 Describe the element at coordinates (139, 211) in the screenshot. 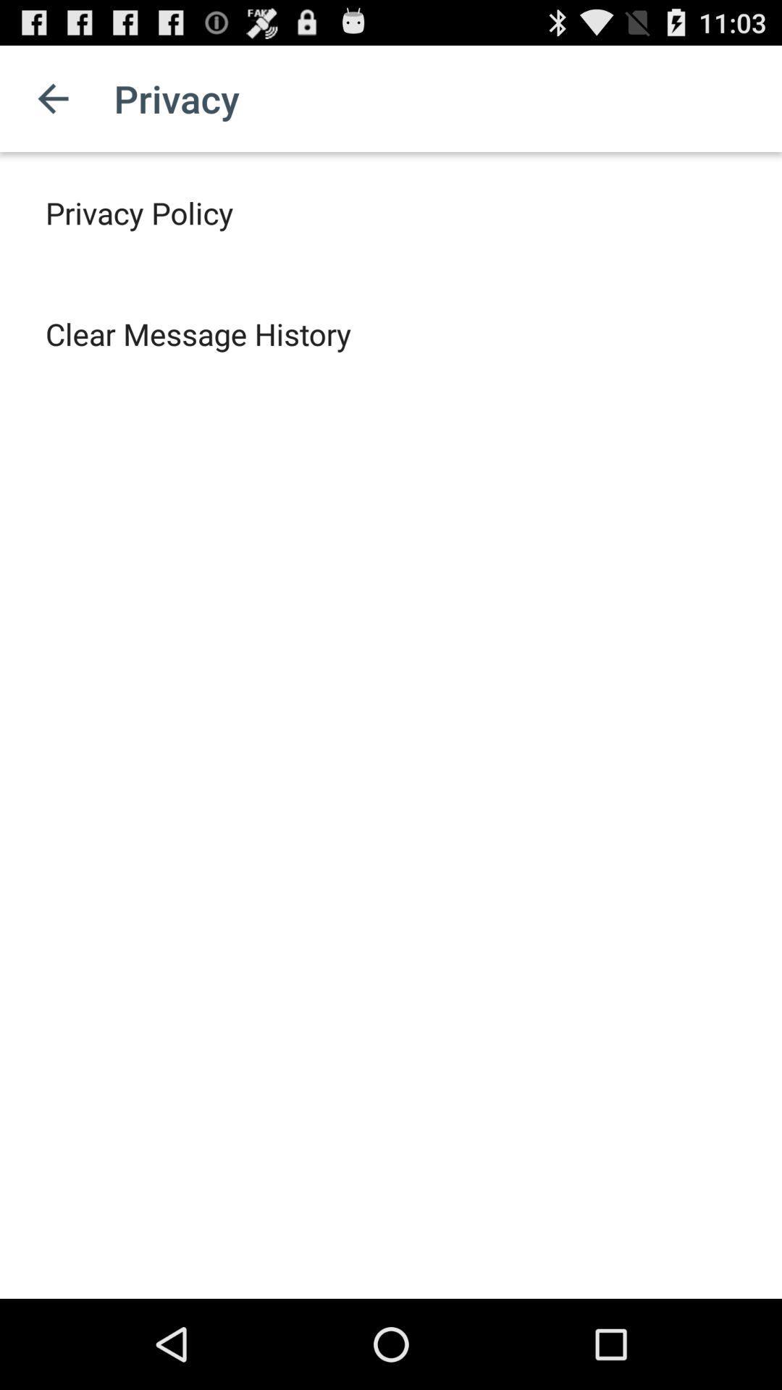

I see `the icon above clear message history icon` at that location.